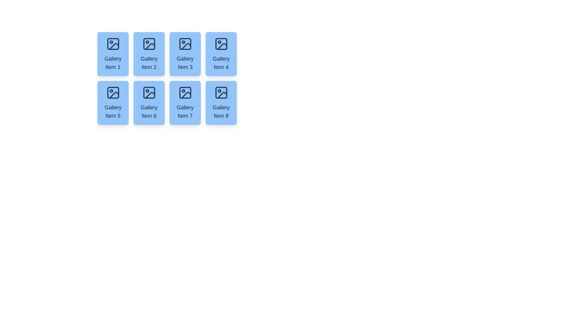 This screenshot has width=572, height=321. I want to click on the icon styled with a square outline containing a circular shape and a diagonal line, located within the blue card labeled 'Gallery Item 8', so click(221, 93).